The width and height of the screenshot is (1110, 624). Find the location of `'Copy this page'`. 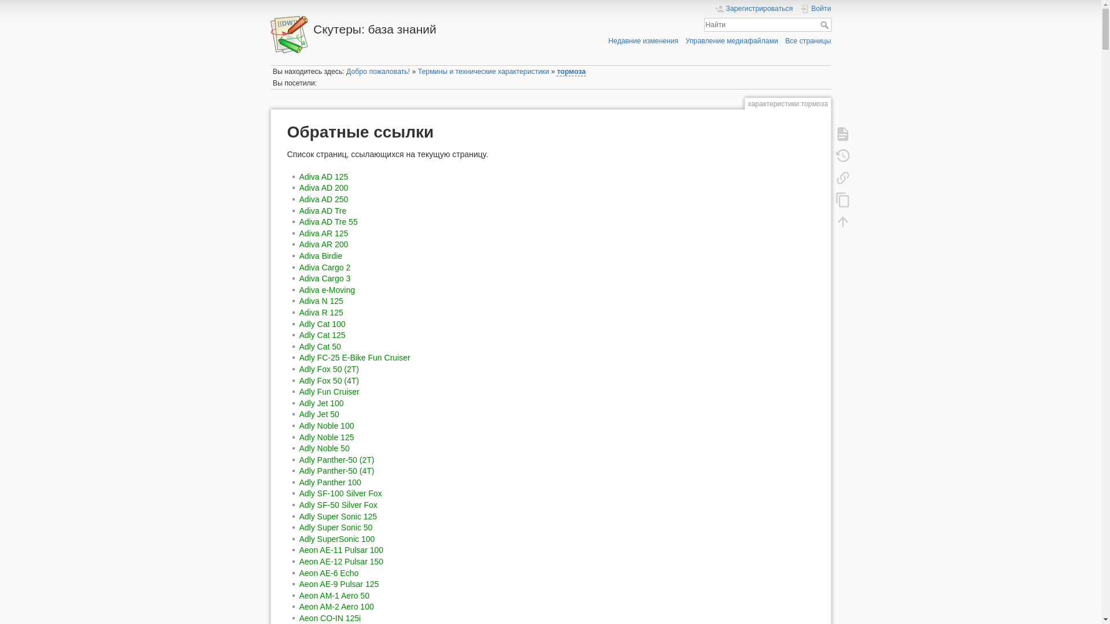

'Copy this page' is located at coordinates (828, 198).